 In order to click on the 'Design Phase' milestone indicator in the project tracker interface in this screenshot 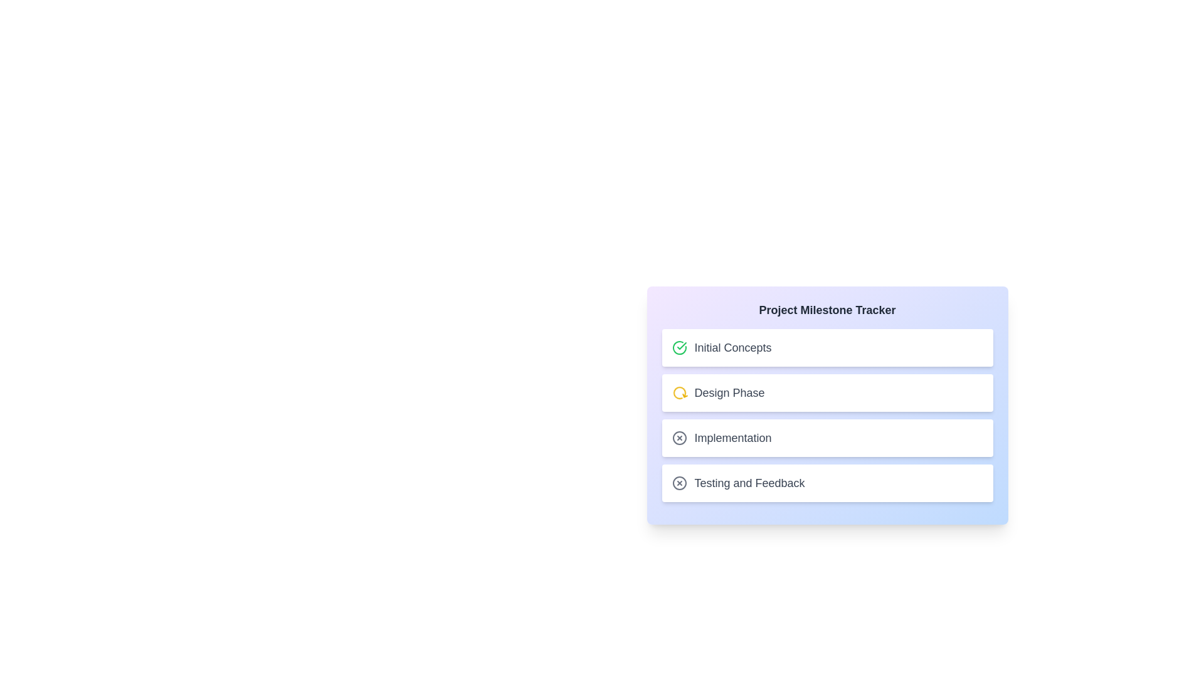, I will do `click(718, 392)`.